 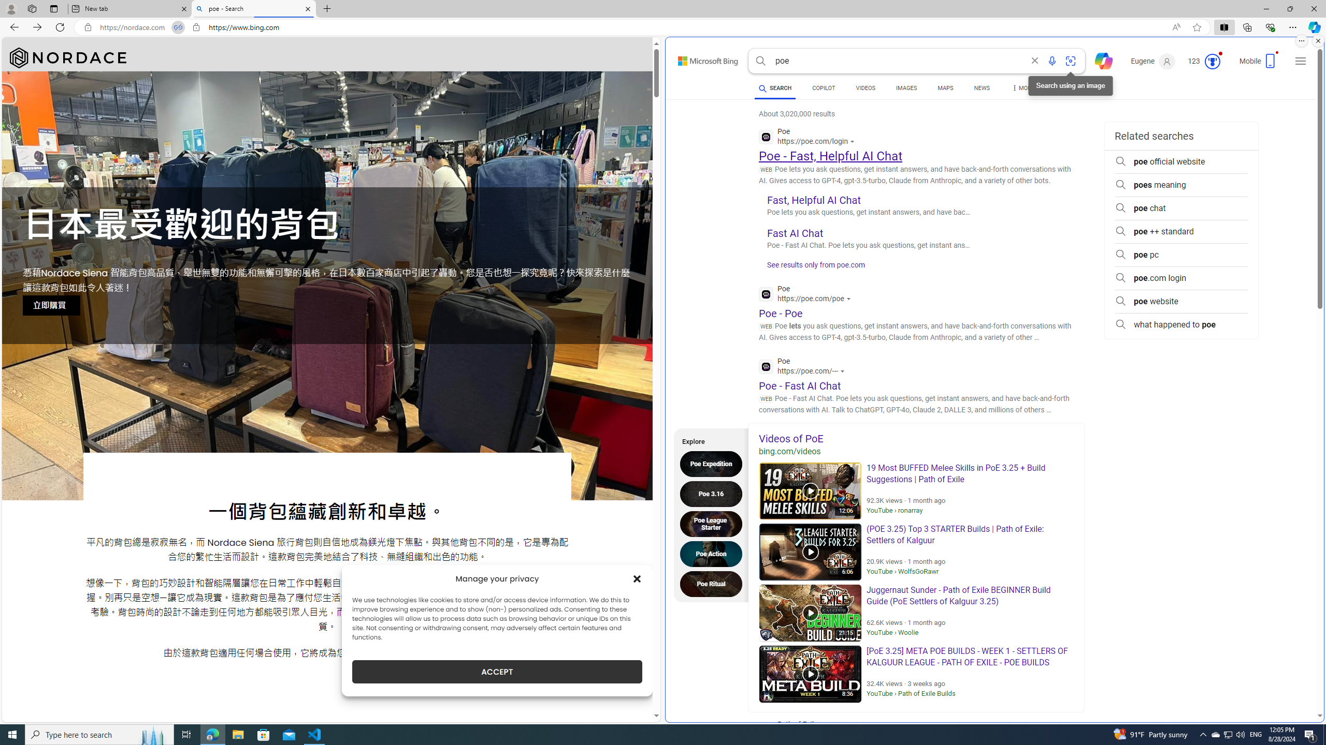 I want to click on 'poe official website', so click(x=1180, y=162).